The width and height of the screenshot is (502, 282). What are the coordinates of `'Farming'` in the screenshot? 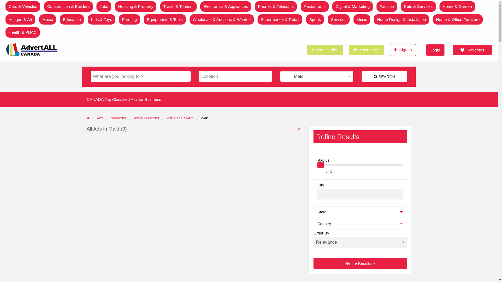 It's located at (129, 19).